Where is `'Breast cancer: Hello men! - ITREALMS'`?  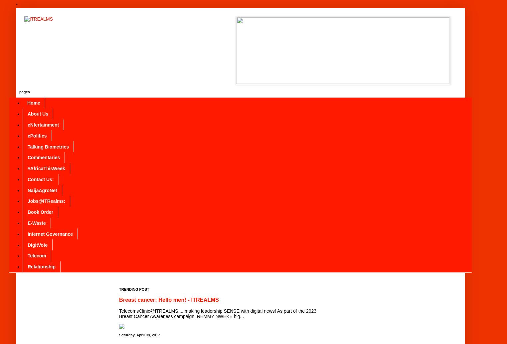
'Breast cancer: Hello men! - ITREALMS' is located at coordinates (169, 299).